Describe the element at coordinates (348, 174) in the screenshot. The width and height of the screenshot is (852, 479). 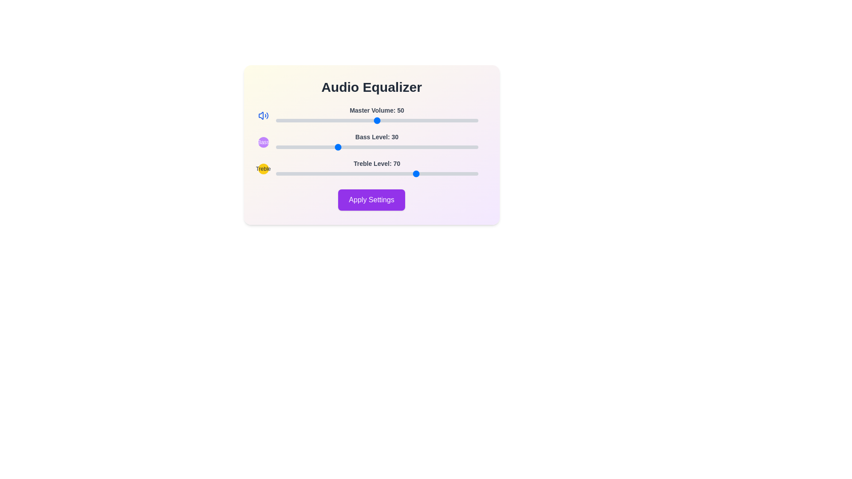
I see `Treble Level` at that location.